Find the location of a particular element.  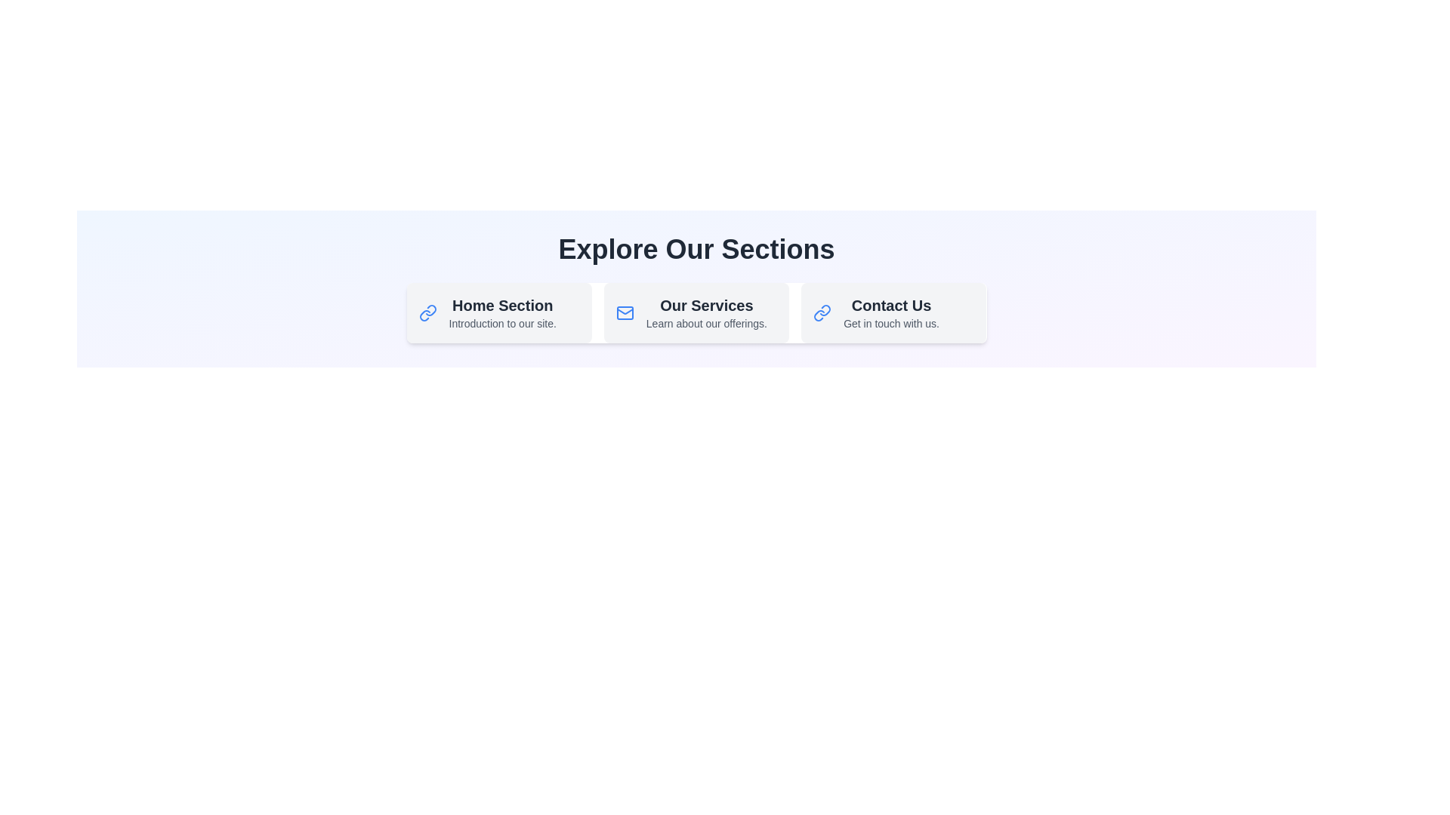

the Information Card with Title and Icon located in the third position of the navigation set is located at coordinates (893, 312).